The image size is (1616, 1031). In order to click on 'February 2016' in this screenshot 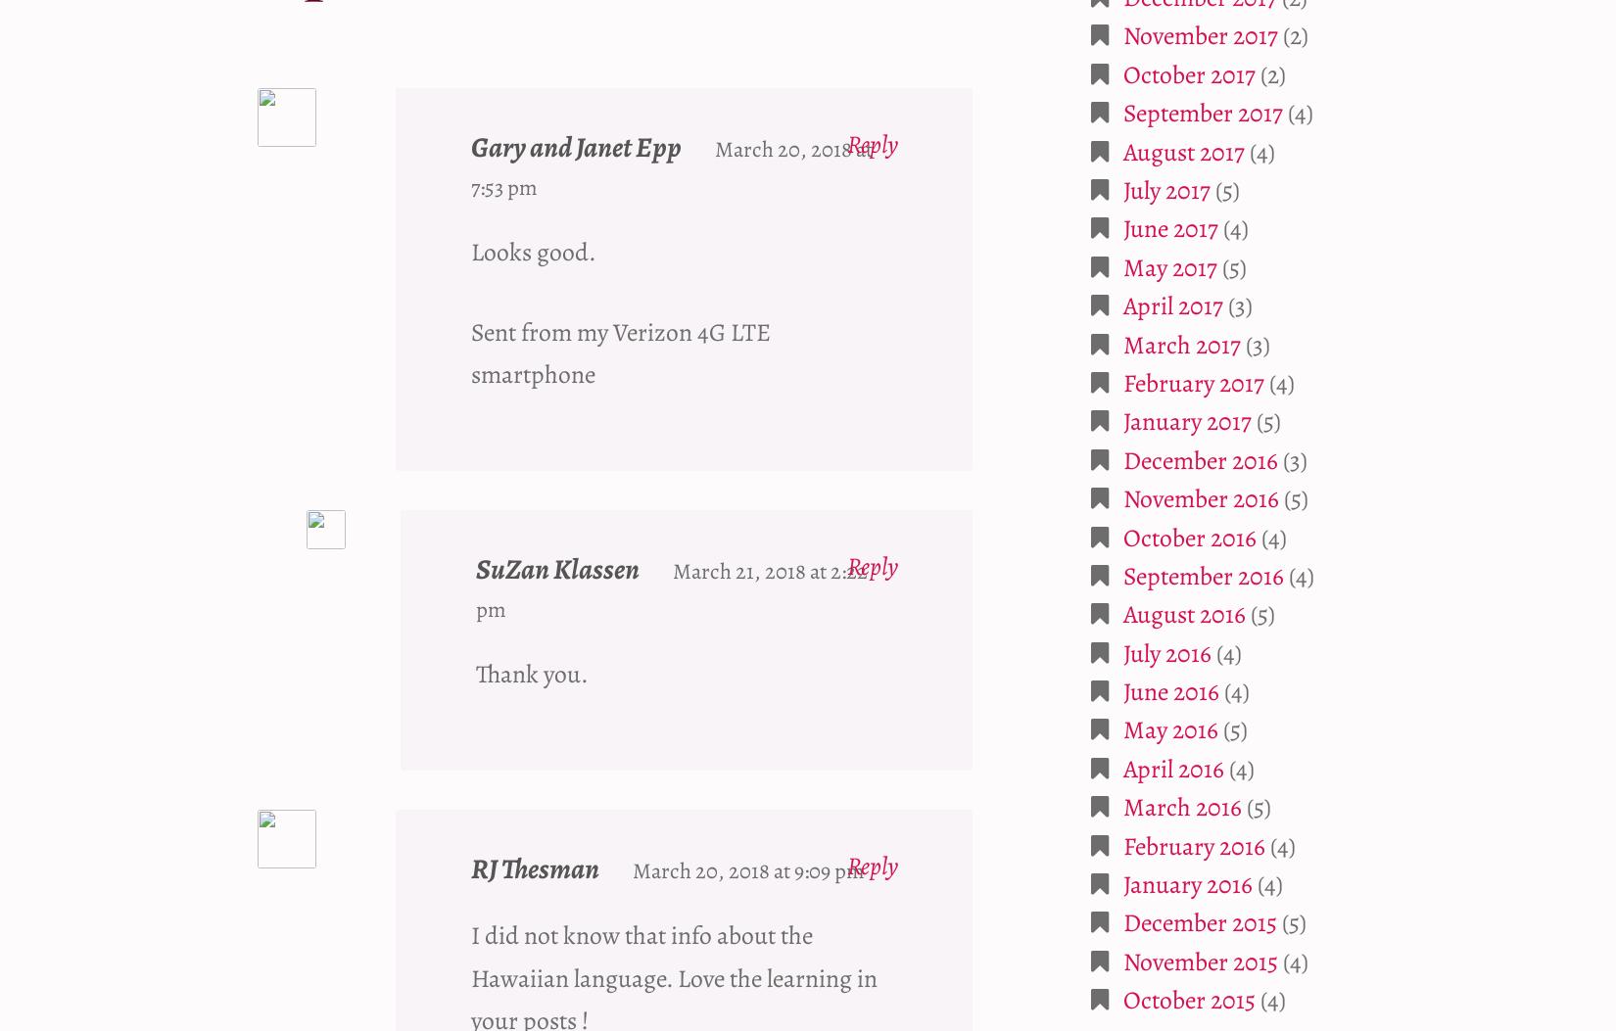, I will do `click(1123, 845)`.